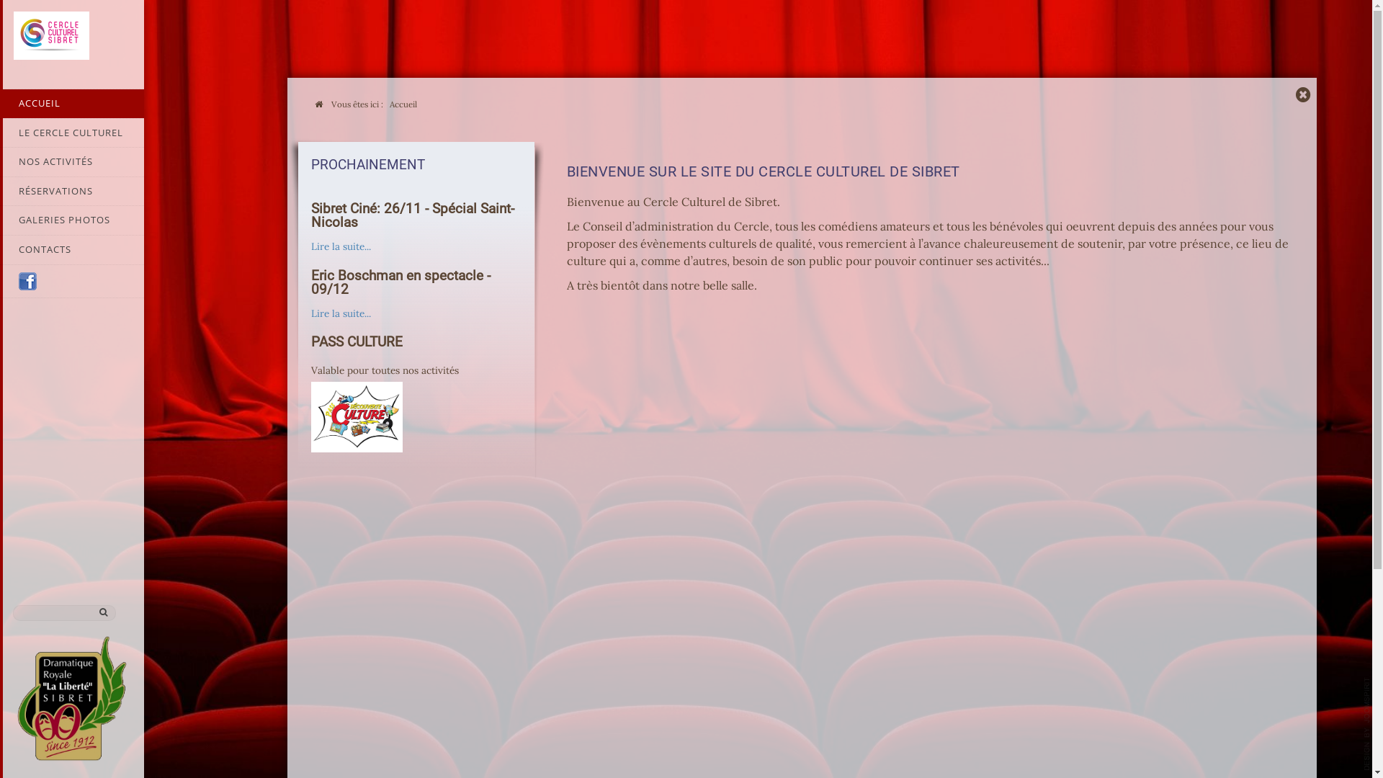  Describe the element at coordinates (0, 249) in the screenshot. I see `'CONTACTS'` at that location.